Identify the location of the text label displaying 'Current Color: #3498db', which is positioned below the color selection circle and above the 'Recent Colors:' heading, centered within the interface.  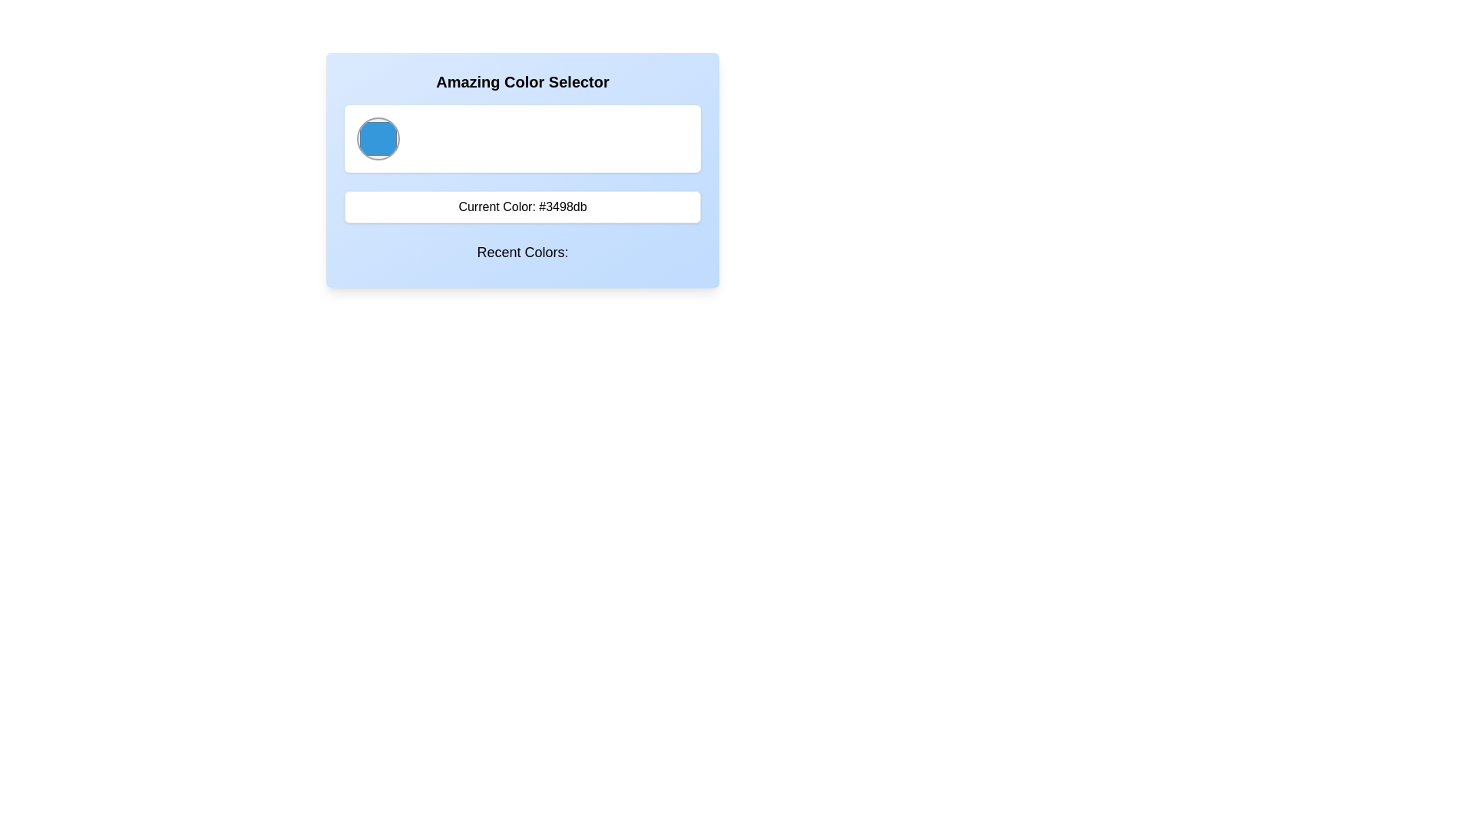
(523, 207).